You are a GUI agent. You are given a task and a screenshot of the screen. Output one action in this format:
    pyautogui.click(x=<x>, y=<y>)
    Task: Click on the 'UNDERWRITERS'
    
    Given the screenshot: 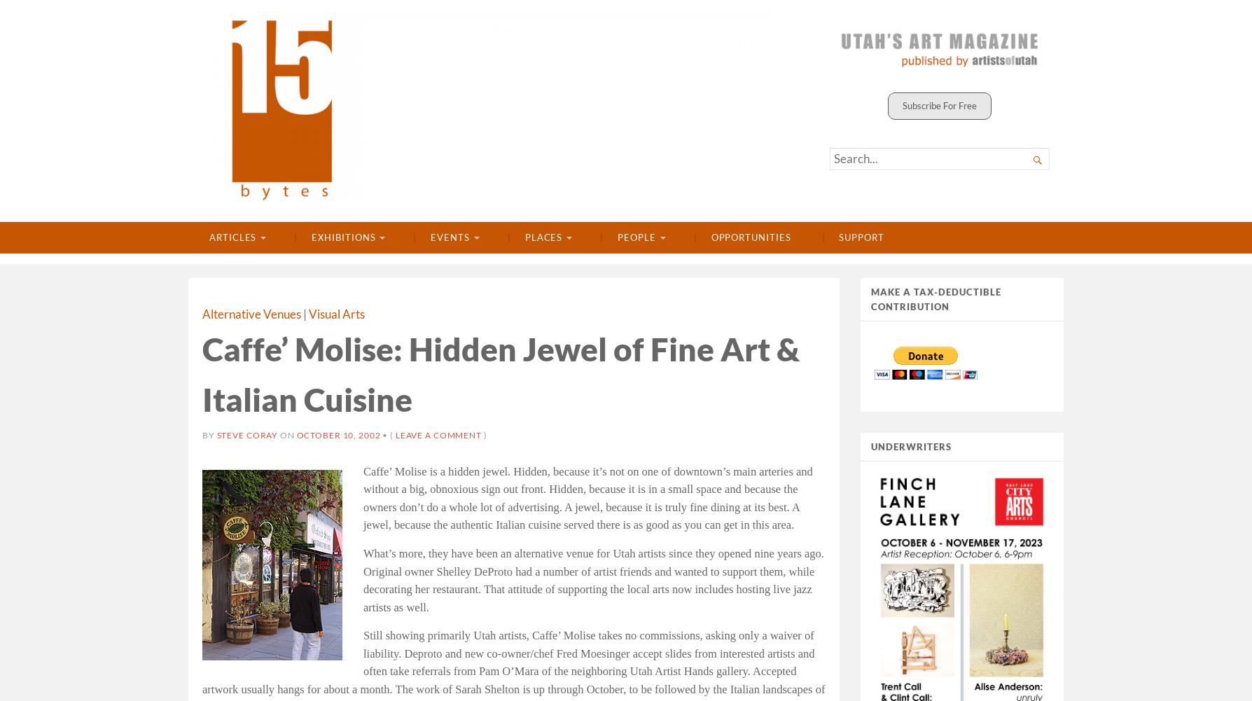 What is the action you would take?
    pyautogui.click(x=870, y=446)
    